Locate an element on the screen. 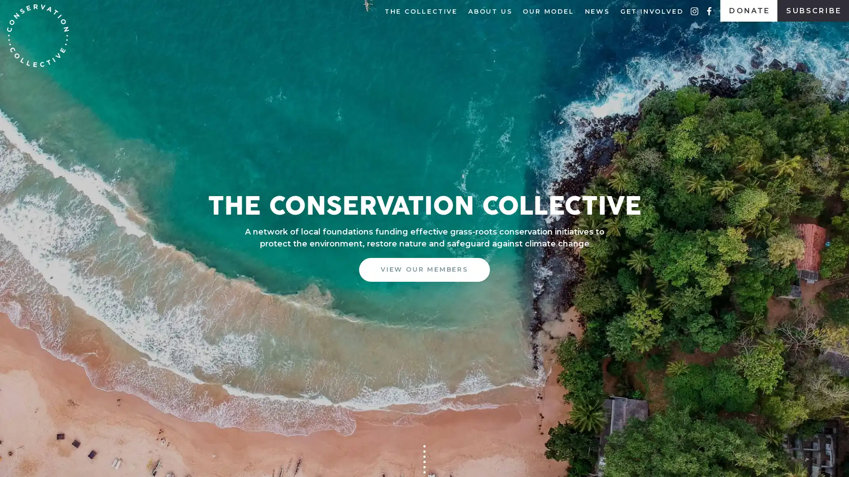 The height and width of the screenshot is (477, 849). SUBSCRIBE is located at coordinates (424, 277).